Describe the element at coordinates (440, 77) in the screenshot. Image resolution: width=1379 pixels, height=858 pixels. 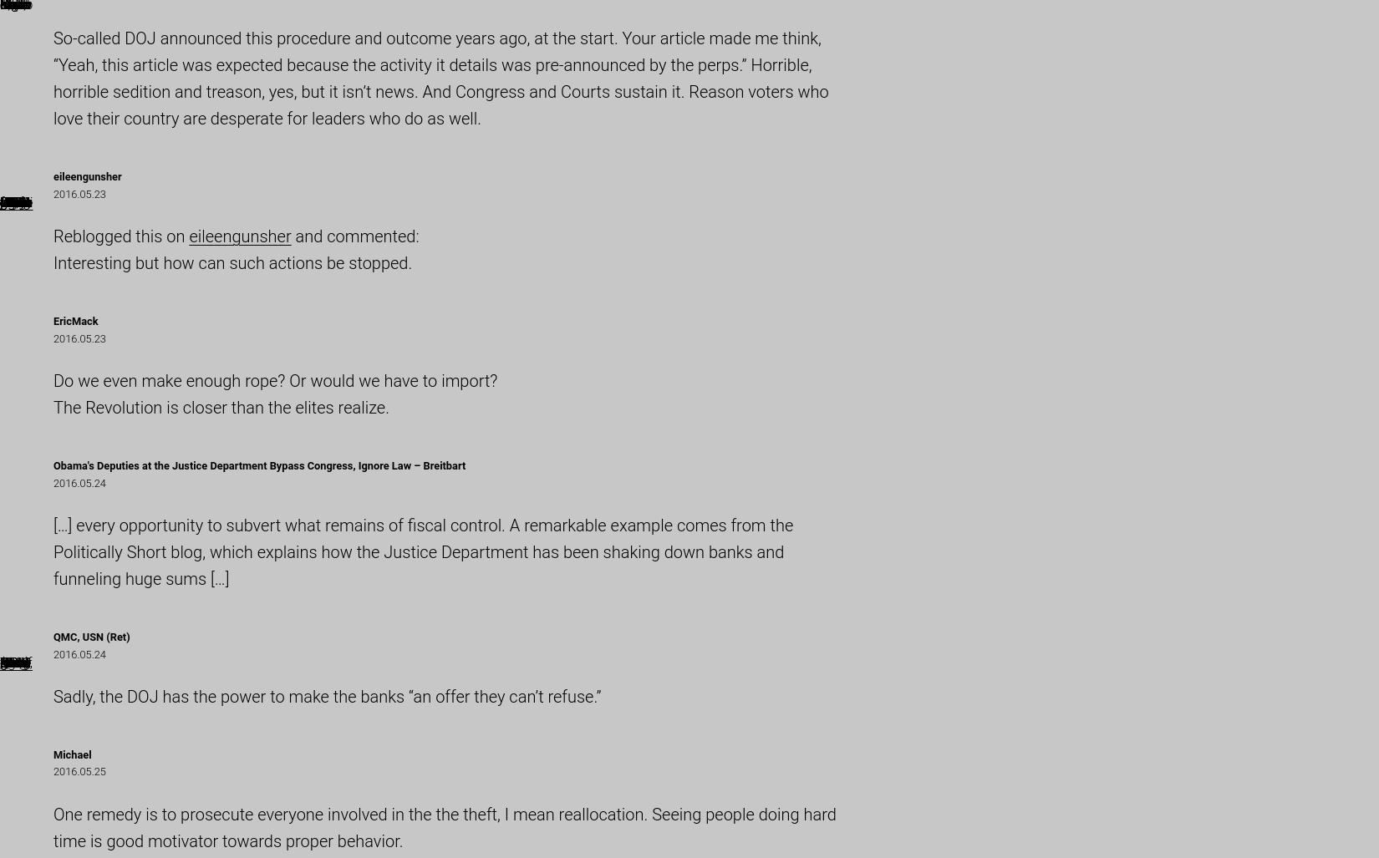
I see `'So-called DOJ announced this procedure and outcome years ago, at the start.  Your article made me think, “Yeah, this article was expected because the activity it details was pre-announced by the perps.”  Horrible, horrible sedition and treason, yes, but it isn’t news.  And Congress and Courts sustain it.  Reason voters who love their country are desperate for leaders who do as well.'` at that location.